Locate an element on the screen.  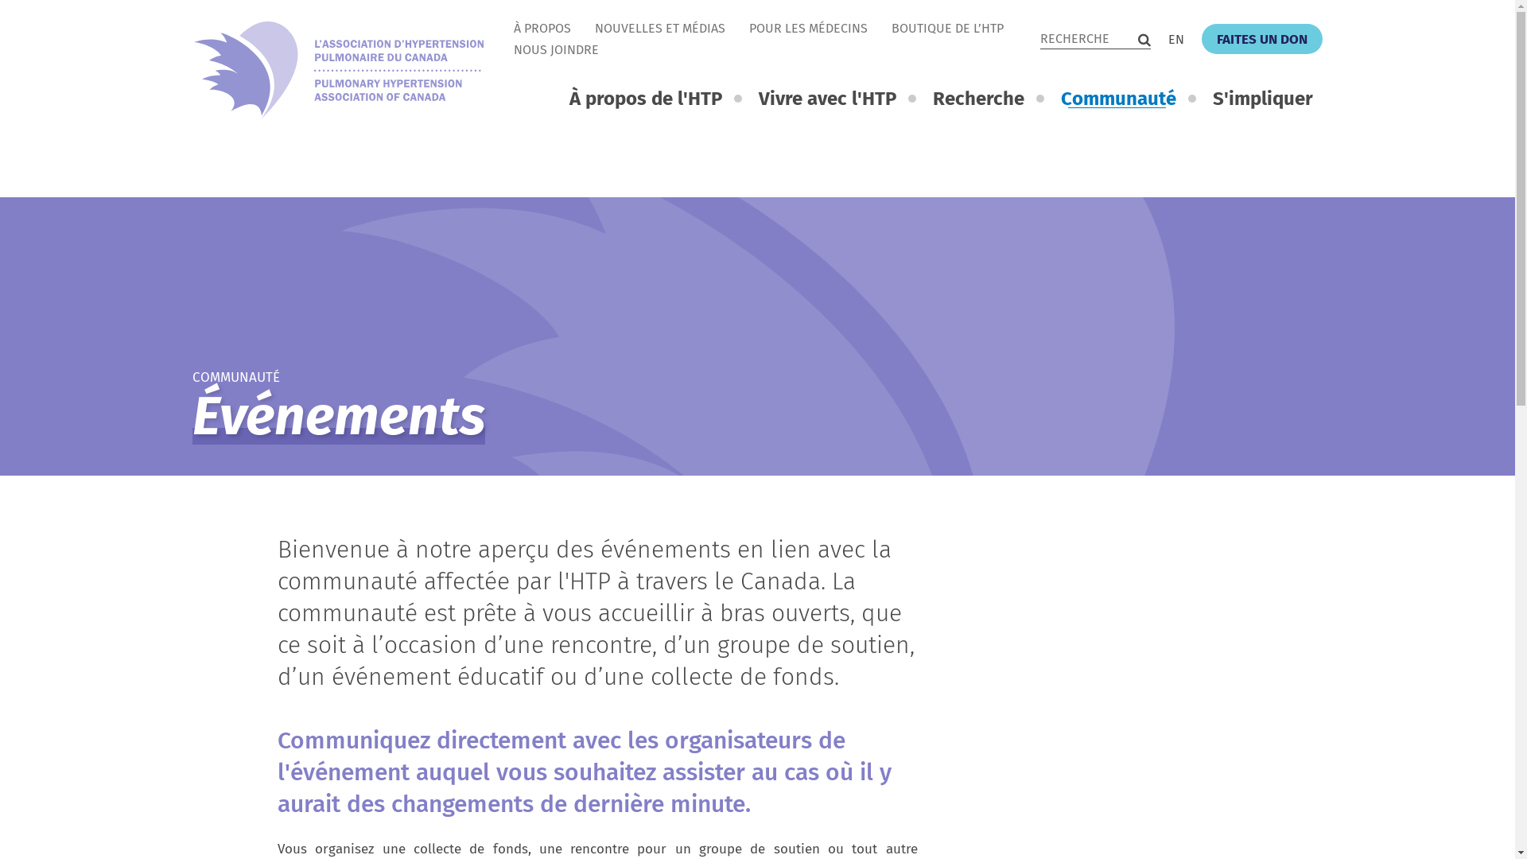
'FAITES UN DON' is located at coordinates (1261, 38).